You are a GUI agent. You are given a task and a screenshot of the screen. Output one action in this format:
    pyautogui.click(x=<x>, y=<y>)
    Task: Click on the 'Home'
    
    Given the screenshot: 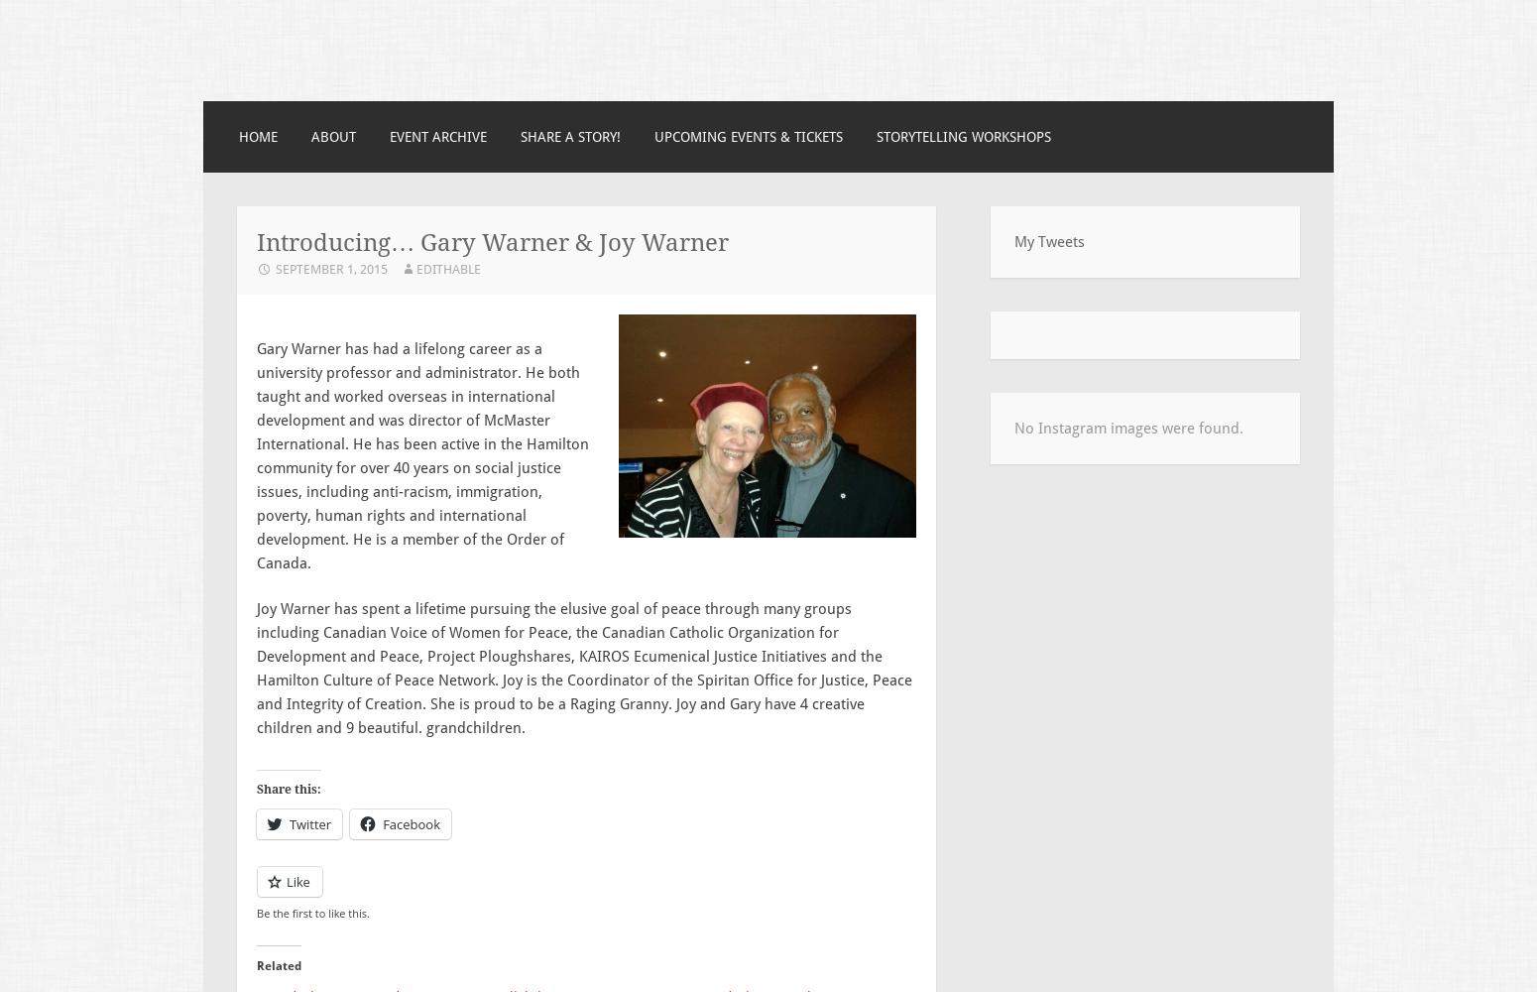 What is the action you would take?
    pyautogui.click(x=258, y=137)
    